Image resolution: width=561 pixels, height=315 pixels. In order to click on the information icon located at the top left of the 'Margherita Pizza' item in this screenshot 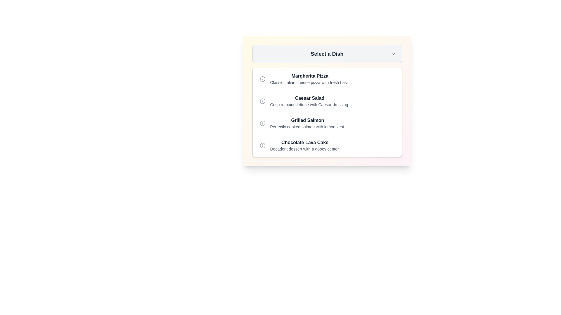, I will do `click(262, 79)`.